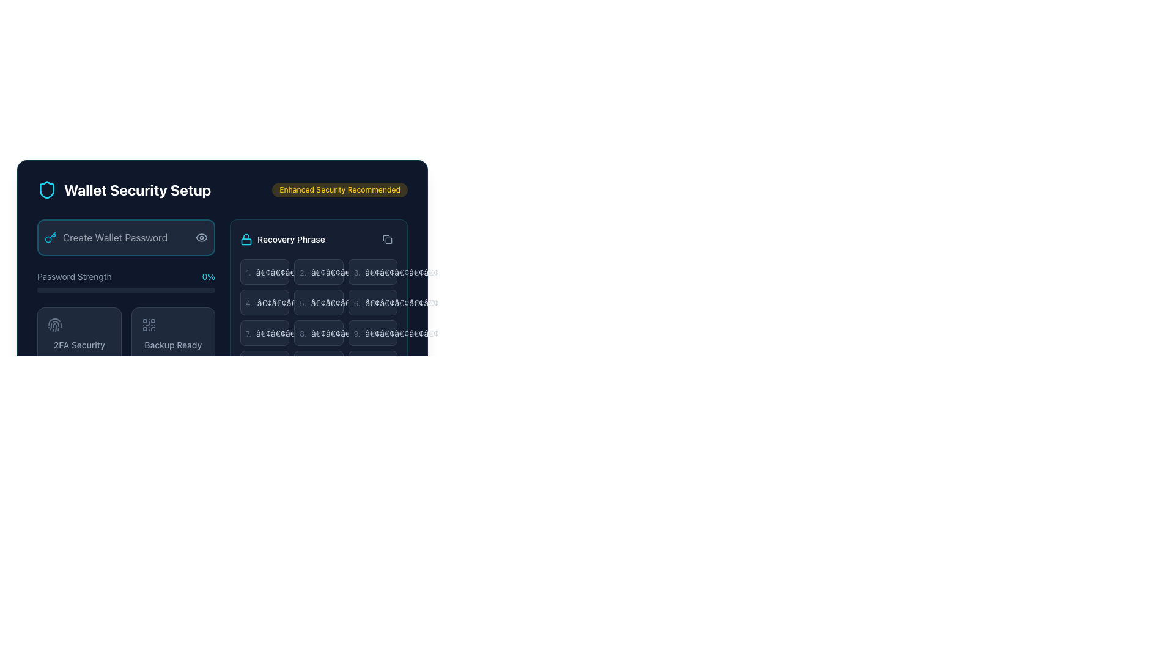 The height and width of the screenshot is (660, 1174). Describe the element at coordinates (347, 333) in the screenshot. I see `the text display element in the second row, third column of the grid layout labeled 'Recovery Phrase', which serves as a placeholder for sensitive information` at that location.